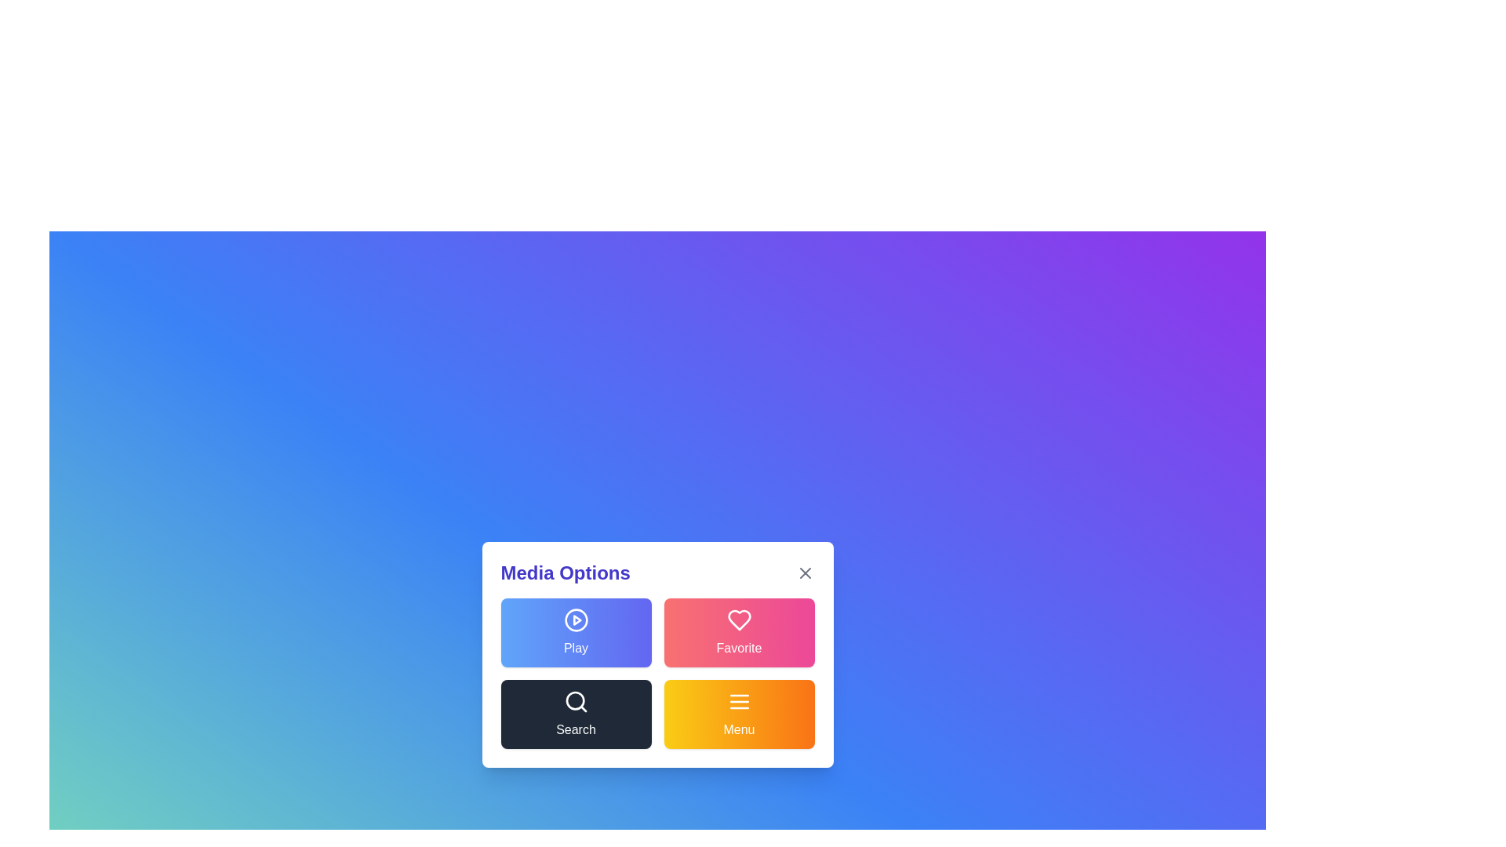  I want to click on text of the Text label located below the menu icon in the bottom-right section of the 'Media Options' menu panel, so click(738, 729).